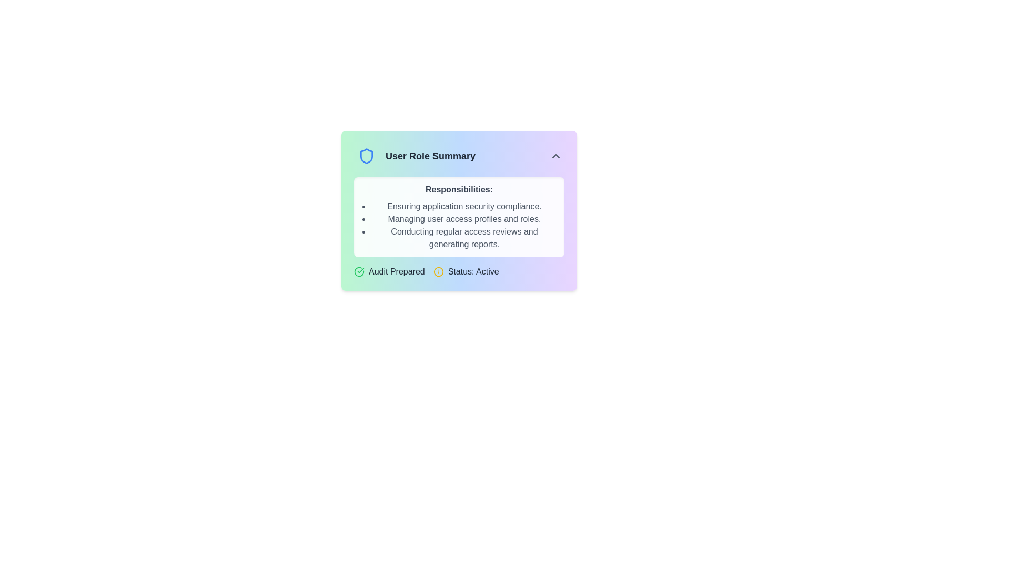 The width and height of the screenshot is (1010, 568). Describe the element at coordinates (466, 271) in the screenshot. I see `status information from the label that displays 'Status: Active' with a yellow circular icon, positioned to the right of the 'Audit Prepared' segment` at that location.